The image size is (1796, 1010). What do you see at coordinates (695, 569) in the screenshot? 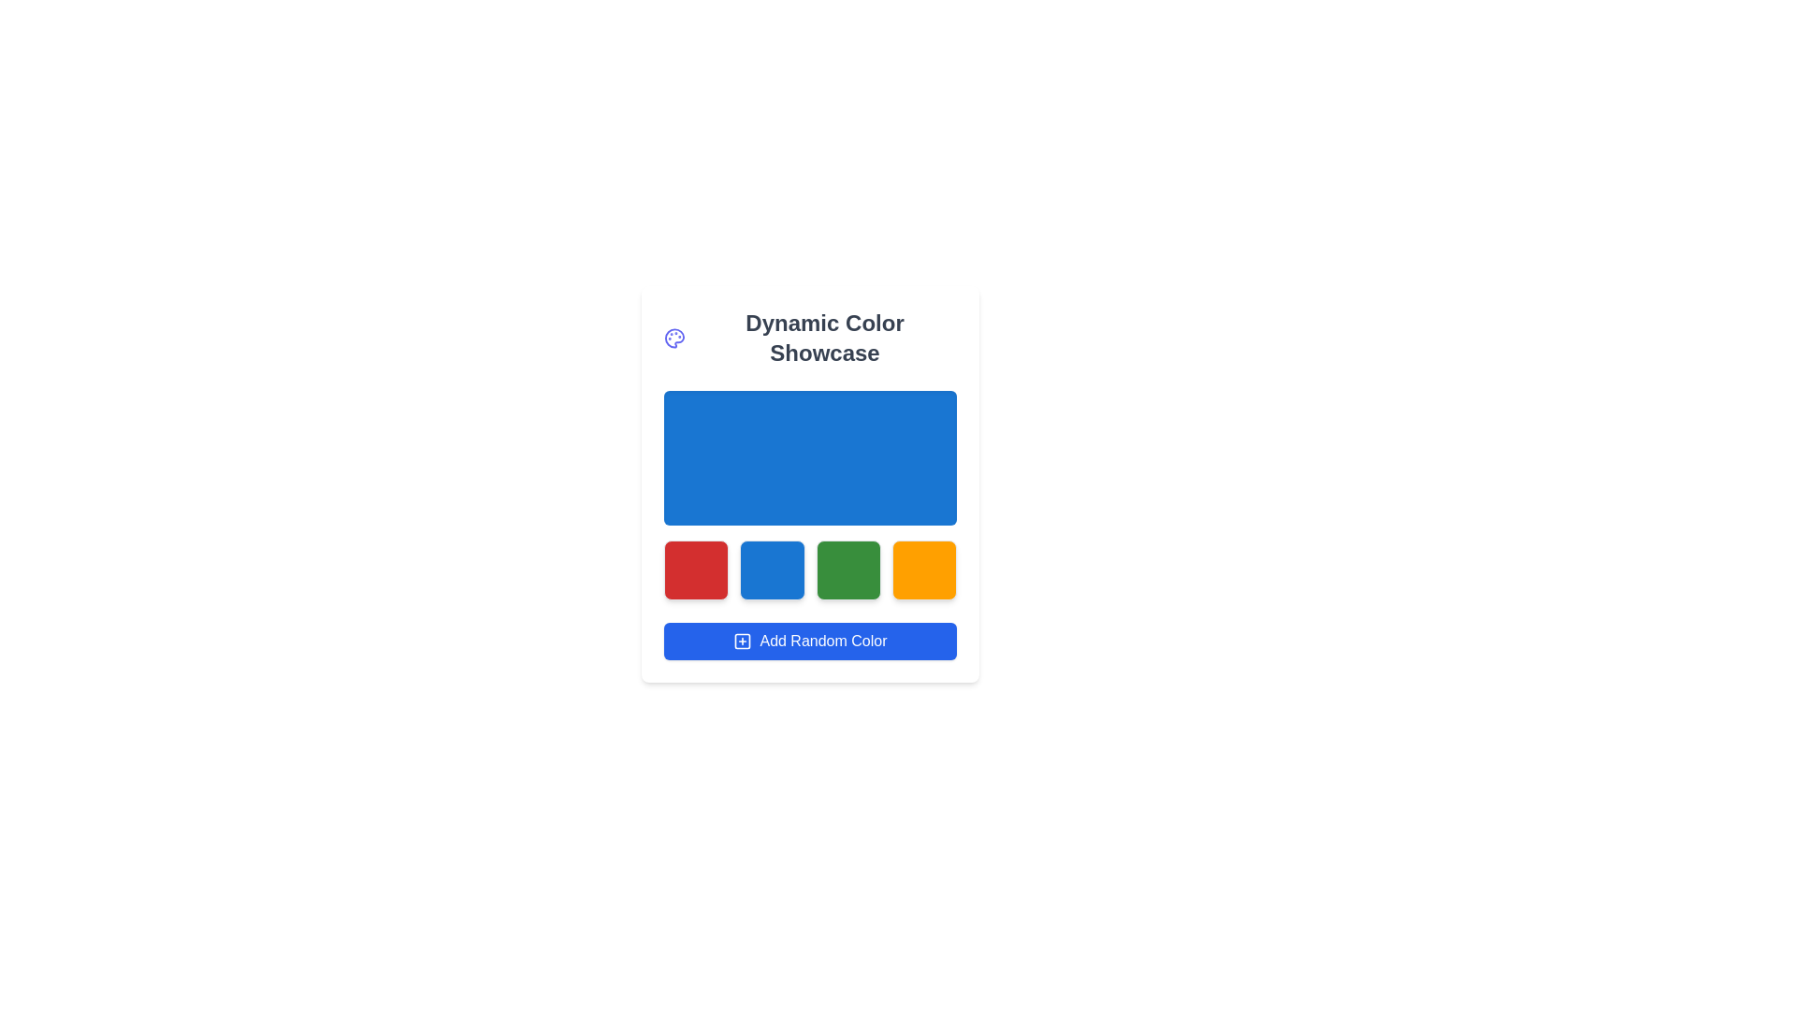
I see `the first selectable color square in the horizontal grid located underneath the 'Dynamic Color Showcase'` at bounding box center [695, 569].